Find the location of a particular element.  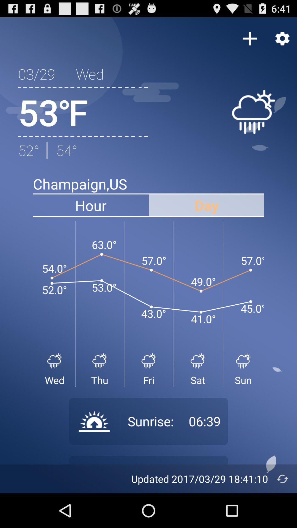

the refresh icon is located at coordinates (282, 512).